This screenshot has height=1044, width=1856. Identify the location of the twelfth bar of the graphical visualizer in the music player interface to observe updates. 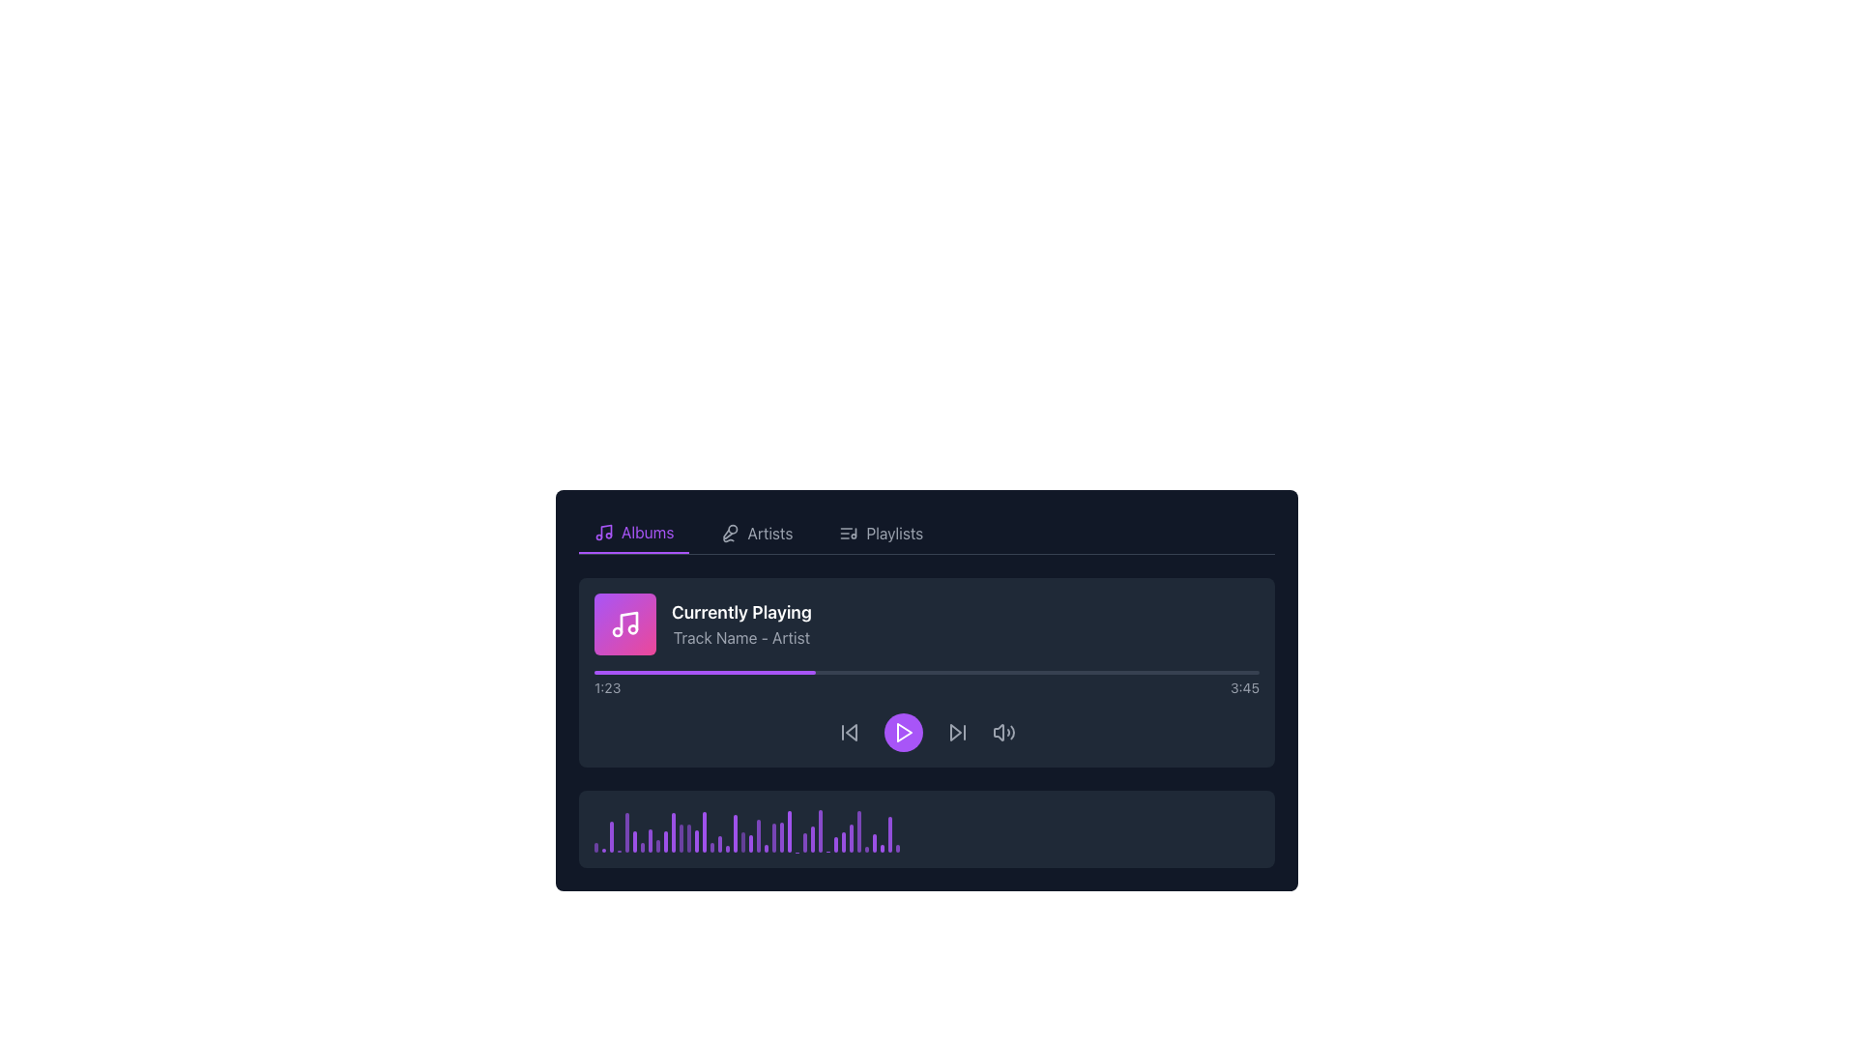
(681, 837).